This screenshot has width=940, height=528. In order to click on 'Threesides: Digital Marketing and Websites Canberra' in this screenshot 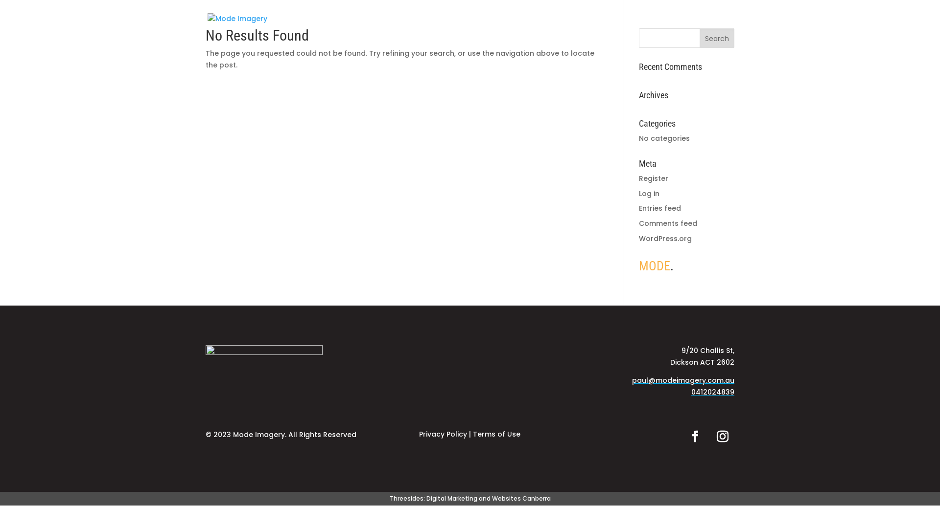, I will do `click(470, 498)`.